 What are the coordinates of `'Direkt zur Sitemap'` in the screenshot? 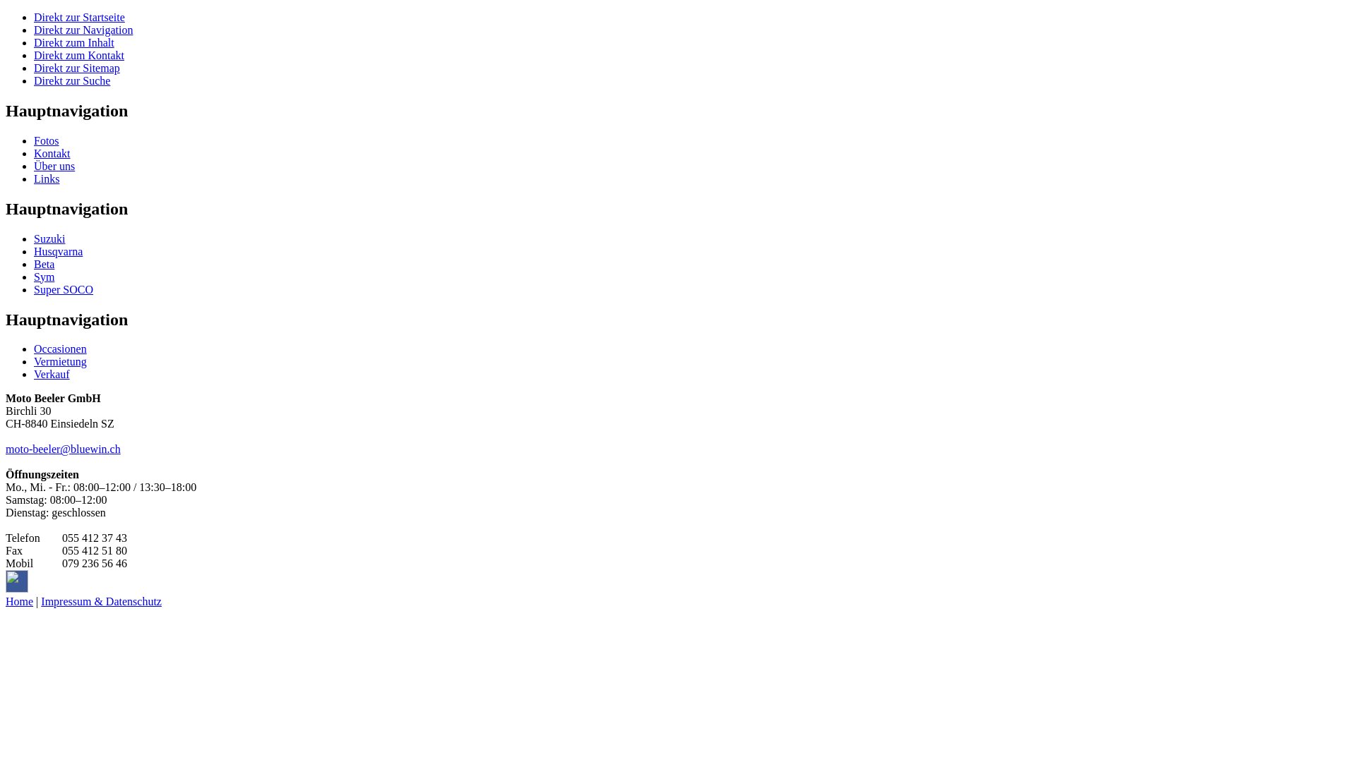 It's located at (76, 68).